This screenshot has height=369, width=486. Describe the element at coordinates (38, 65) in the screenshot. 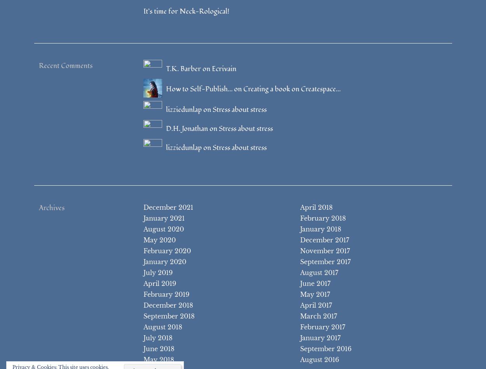

I see `'Recent Comments'` at that location.